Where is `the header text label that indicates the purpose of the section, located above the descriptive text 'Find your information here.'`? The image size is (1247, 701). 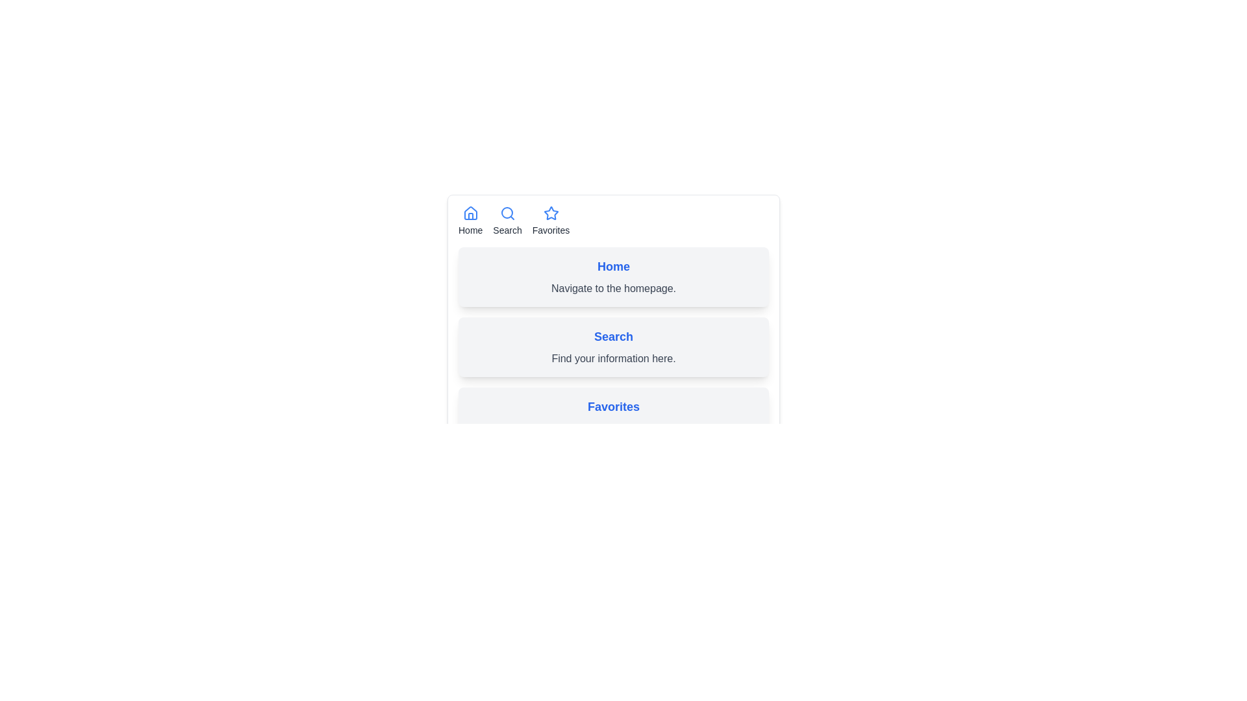 the header text label that indicates the purpose of the section, located above the descriptive text 'Find your information here.' is located at coordinates (613, 336).